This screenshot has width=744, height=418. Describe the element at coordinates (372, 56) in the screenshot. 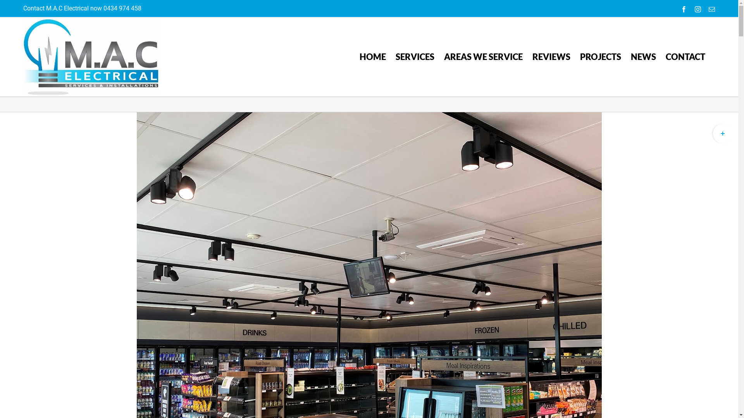

I see `'HOME'` at that location.